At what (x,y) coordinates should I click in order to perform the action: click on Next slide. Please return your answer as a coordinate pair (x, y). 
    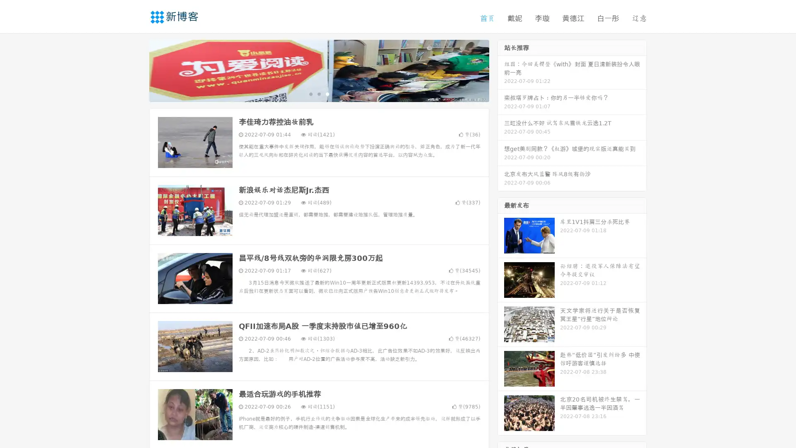
    Looking at the image, I should click on (501, 70).